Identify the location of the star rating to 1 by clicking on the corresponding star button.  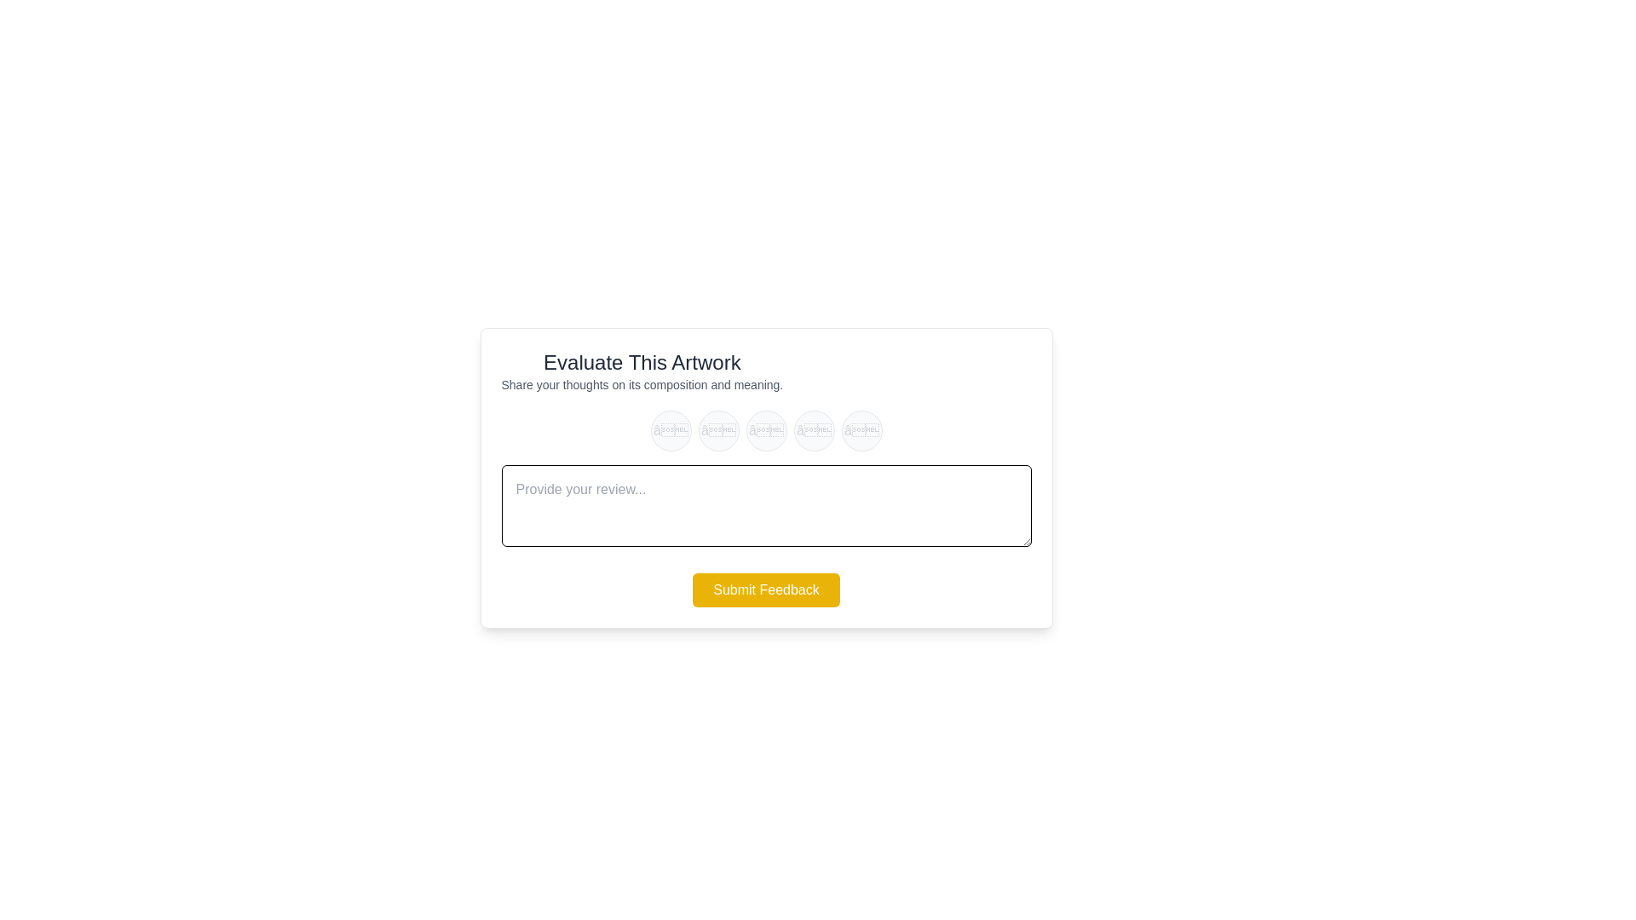
(670, 429).